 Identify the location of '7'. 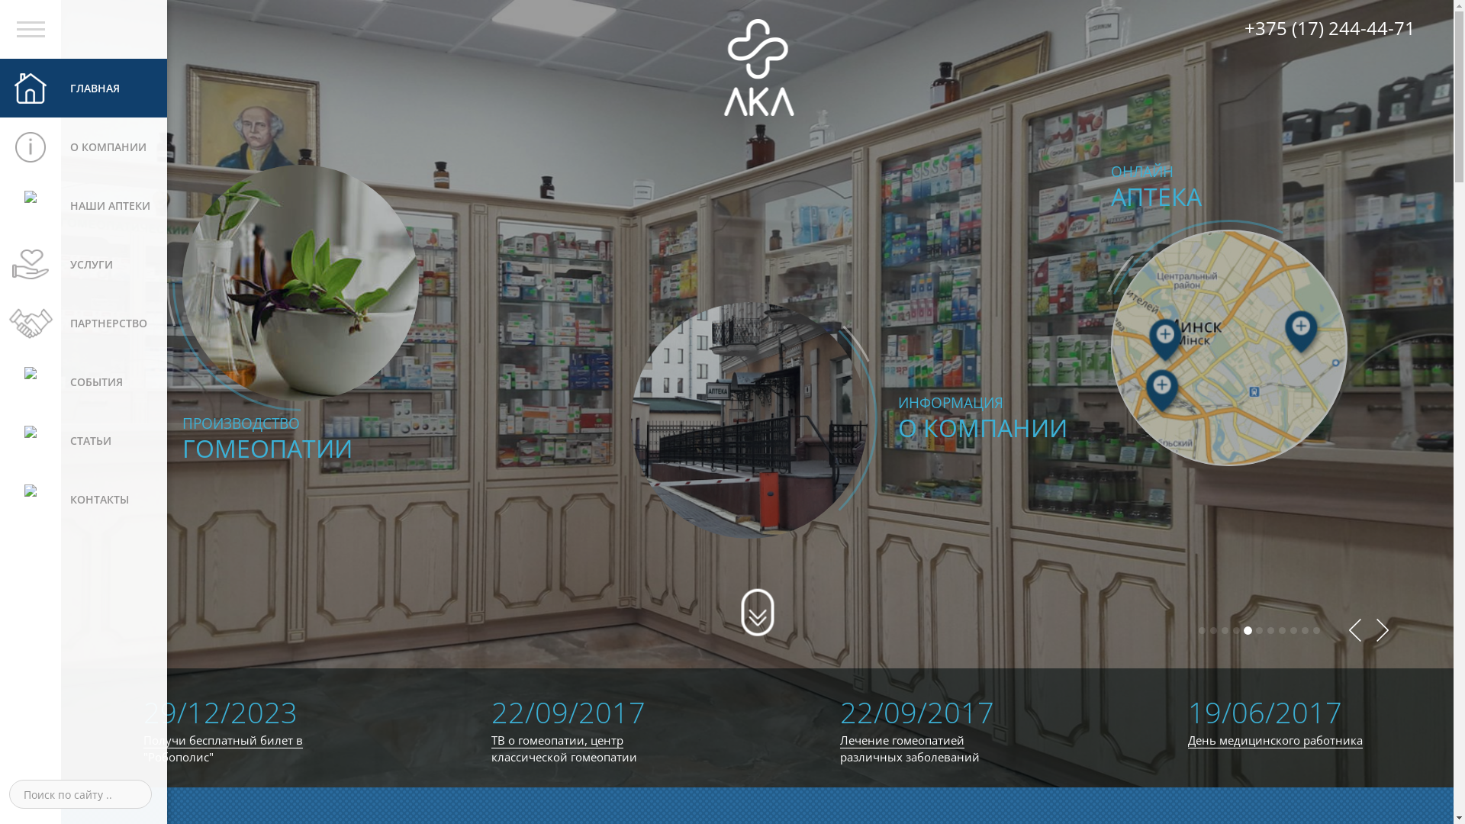
(1270, 630).